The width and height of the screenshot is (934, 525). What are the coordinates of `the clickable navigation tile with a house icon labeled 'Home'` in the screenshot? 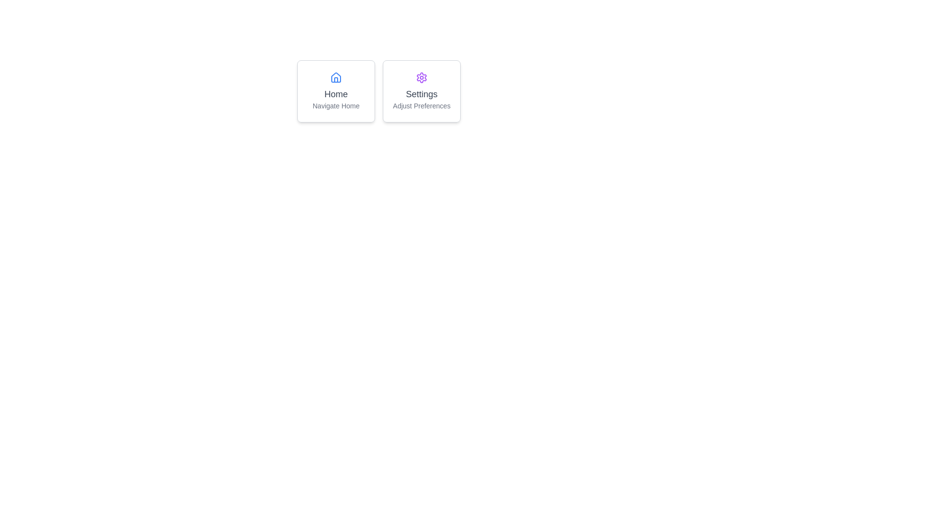 It's located at (336, 91).